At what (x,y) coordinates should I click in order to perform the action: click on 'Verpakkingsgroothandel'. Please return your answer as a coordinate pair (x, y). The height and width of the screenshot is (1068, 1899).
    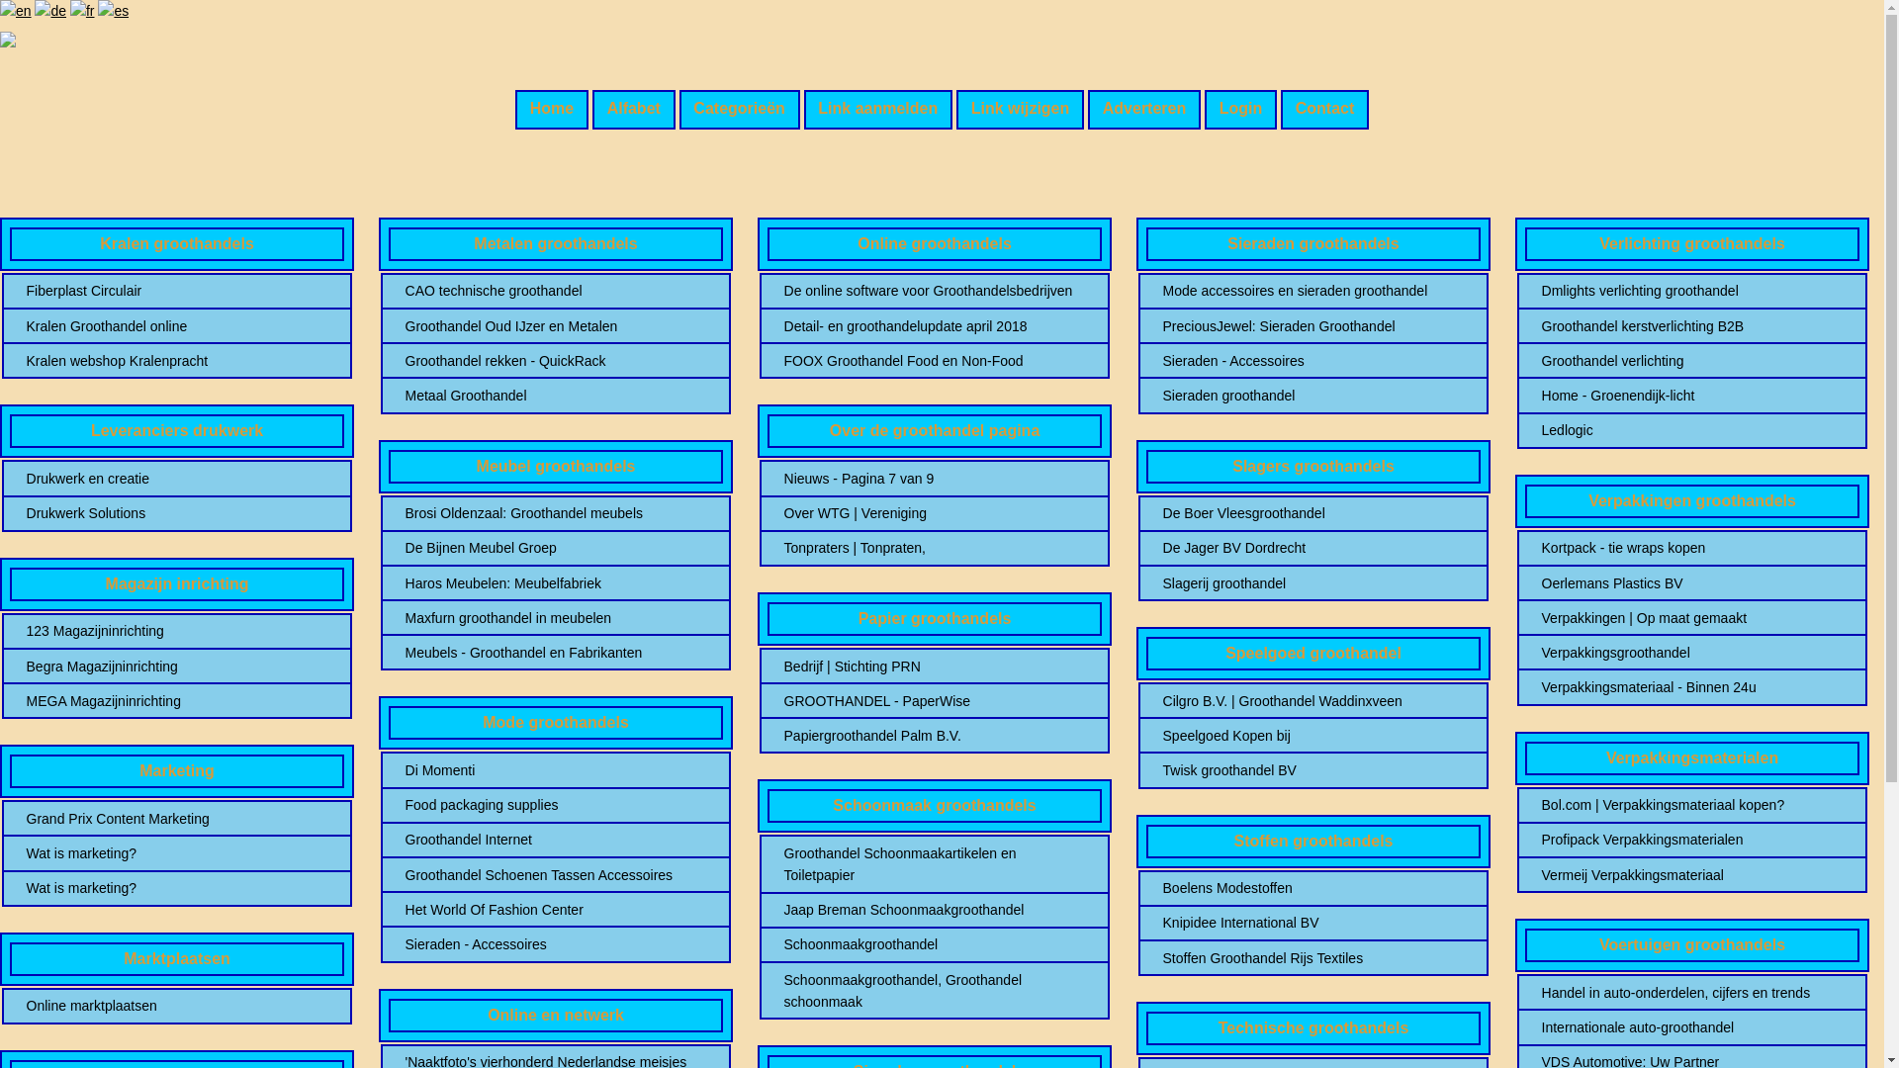
    Looking at the image, I should click on (1691, 652).